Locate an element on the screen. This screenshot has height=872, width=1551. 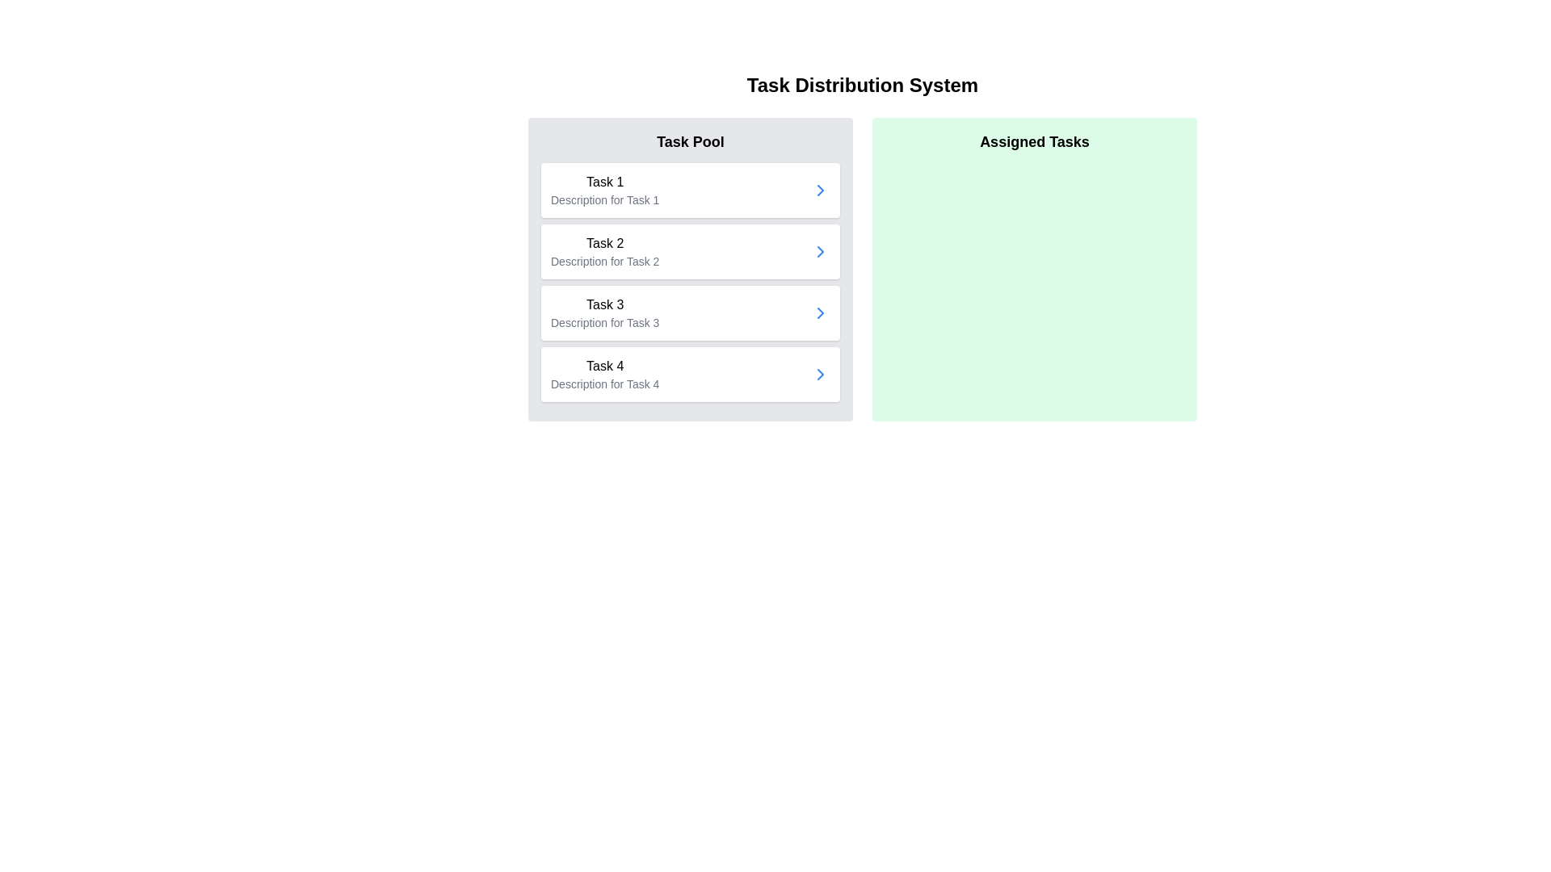
the small right-facing chevron arrow icon button located to the right of 'Task 2 Description for Task 2' in the Task Pool section to interact or navigate is located at coordinates (821, 252).